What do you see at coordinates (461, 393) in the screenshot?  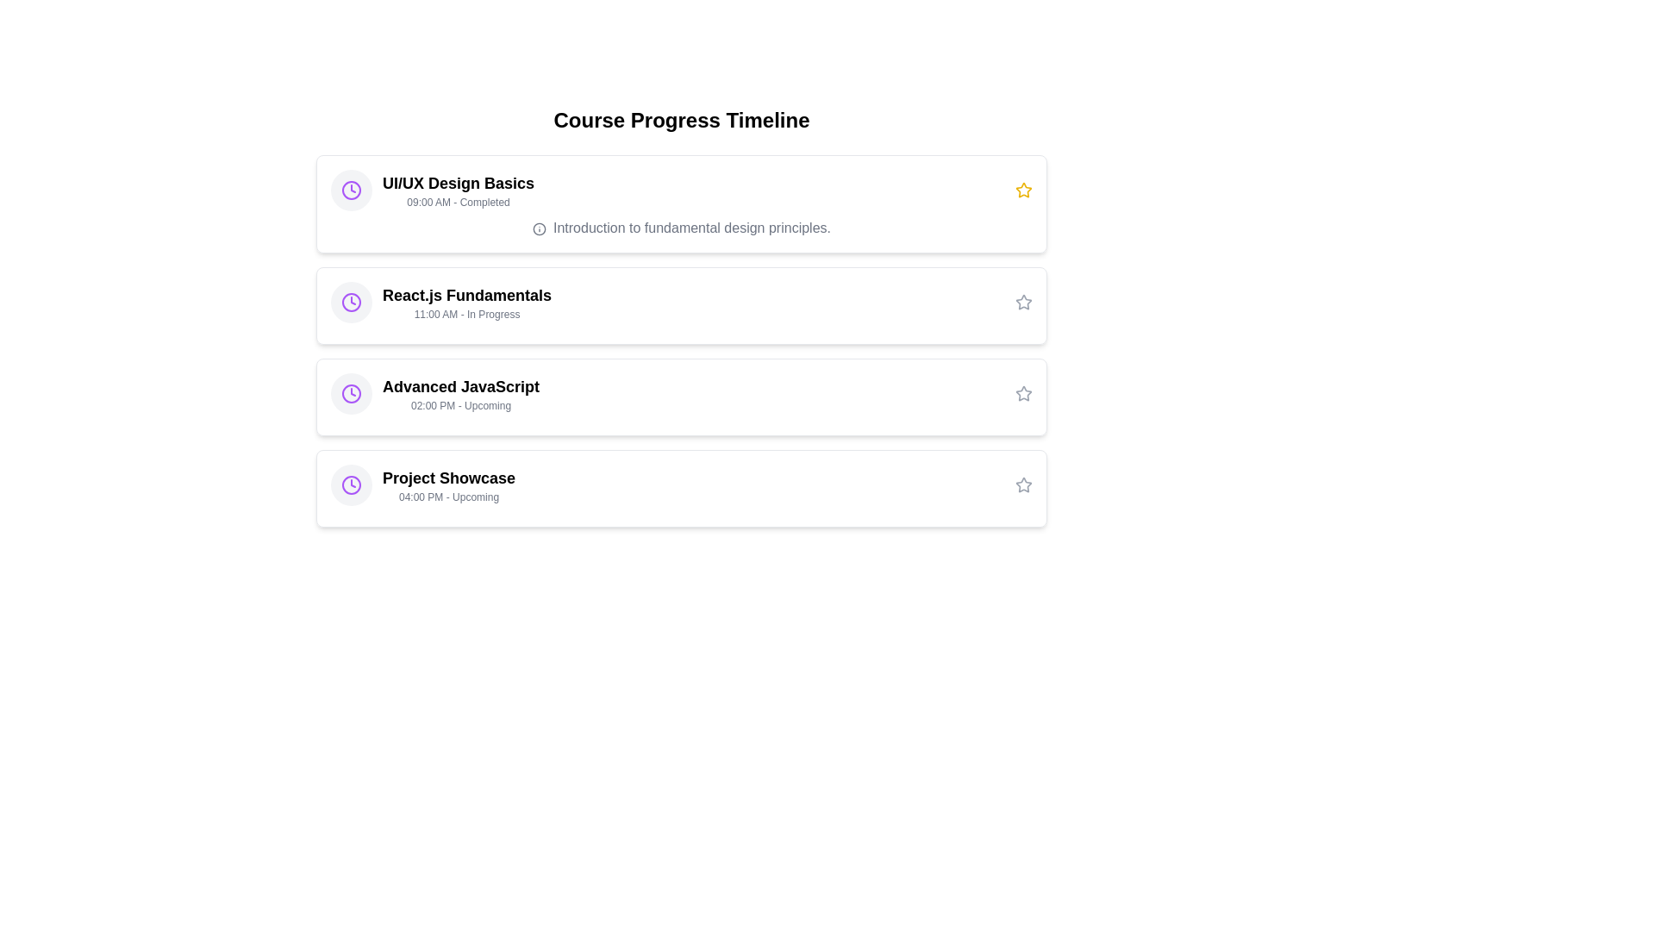 I see `the text label that displays the name and scheduled time status of the 'Advanced JavaScript' course session, which is the third item in the list under the 'Course Progress Timeline' section` at bounding box center [461, 393].